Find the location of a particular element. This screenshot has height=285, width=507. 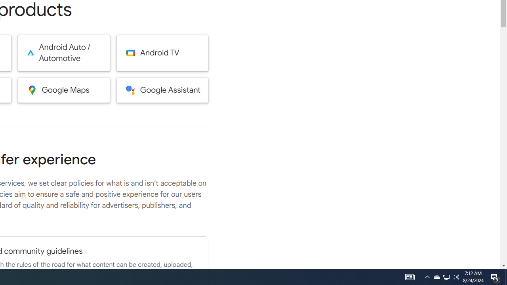

'Google Assistant' is located at coordinates (162, 89).